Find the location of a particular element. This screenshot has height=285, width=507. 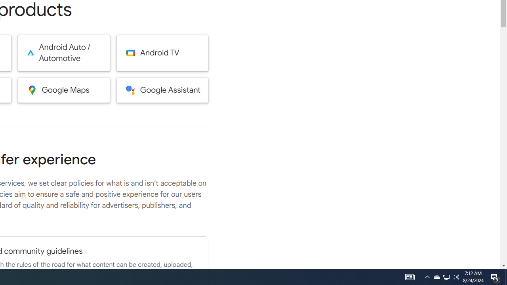

'Google Assistant' is located at coordinates (162, 89).